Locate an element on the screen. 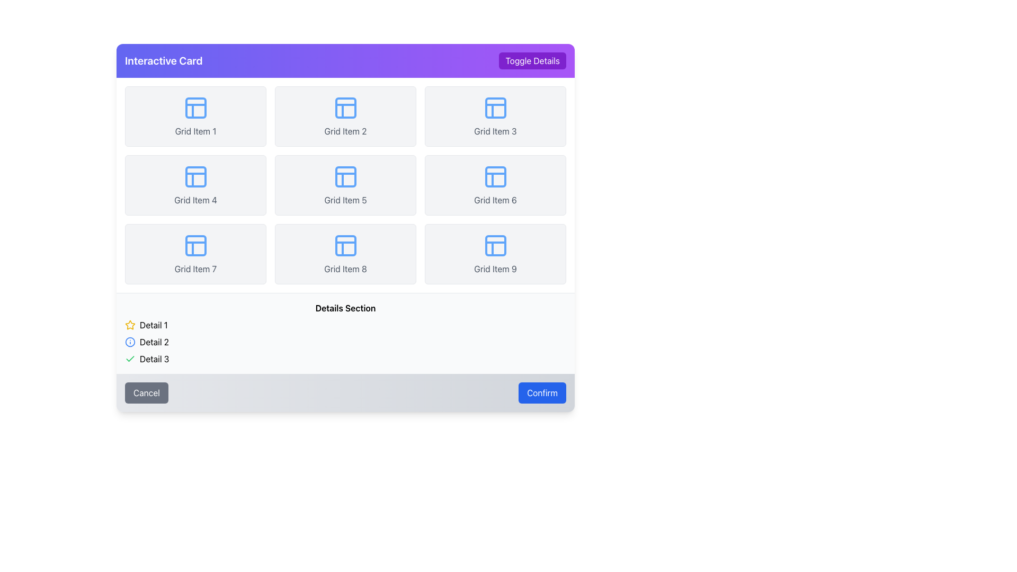  the Rectangular visual decoration located in the upper-left quadrant of the icon for 'Grid Item 8' is located at coordinates (345, 245).